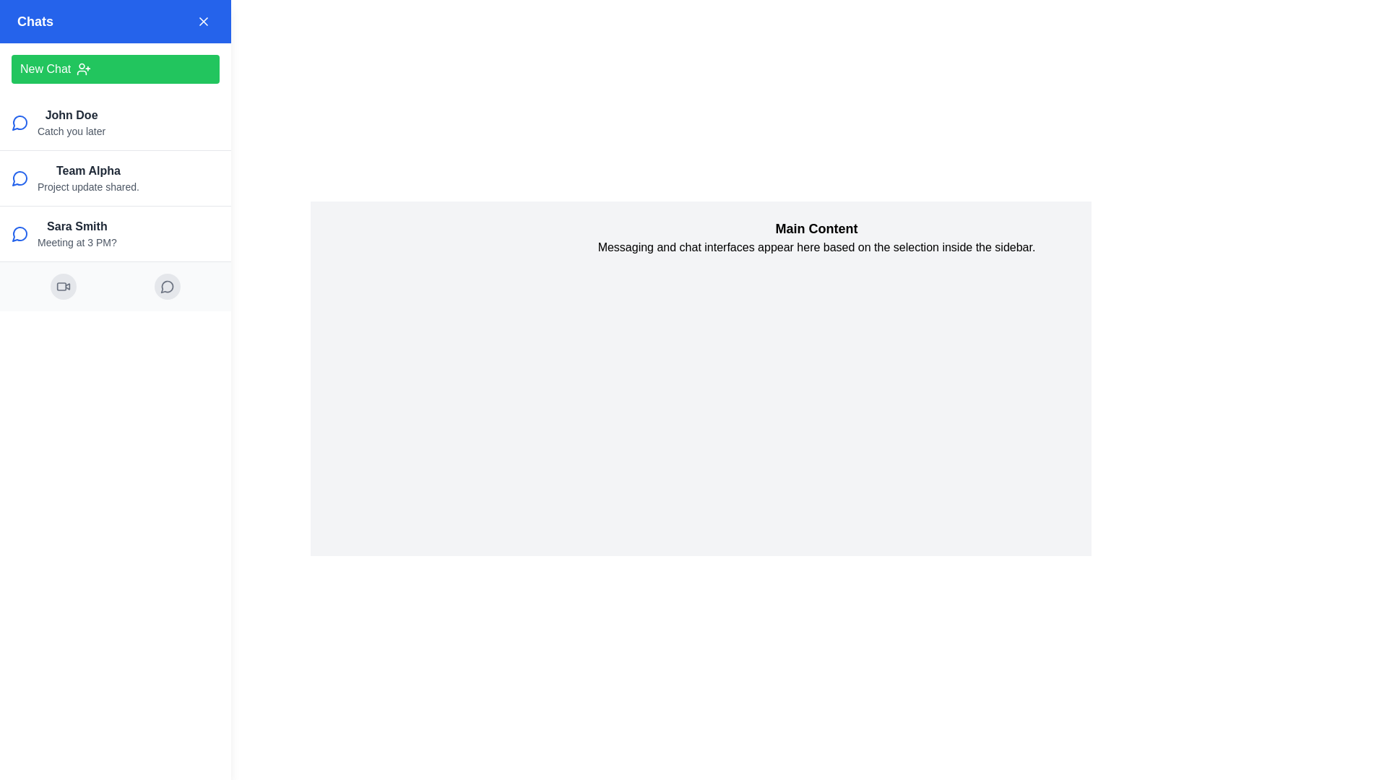  I want to click on the small circular blue icon with a hollow center located inside the chat bubble next to 'Team Alpha' in the sidebar, so click(20, 178).